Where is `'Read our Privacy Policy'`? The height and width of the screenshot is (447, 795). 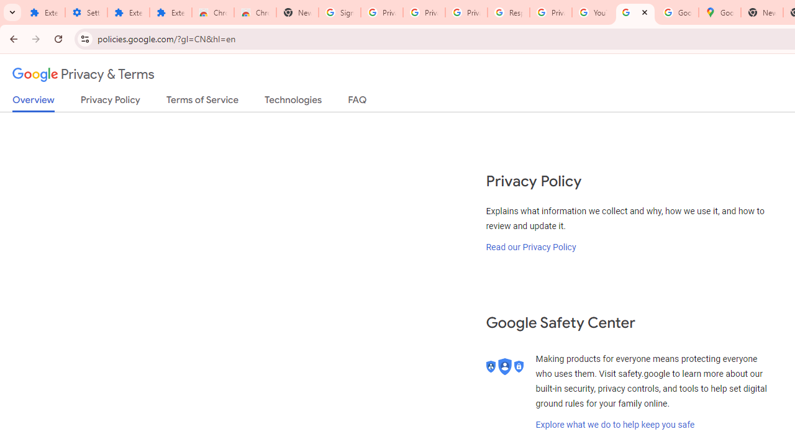
'Read our Privacy Policy' is located at coordinates (531, 246).